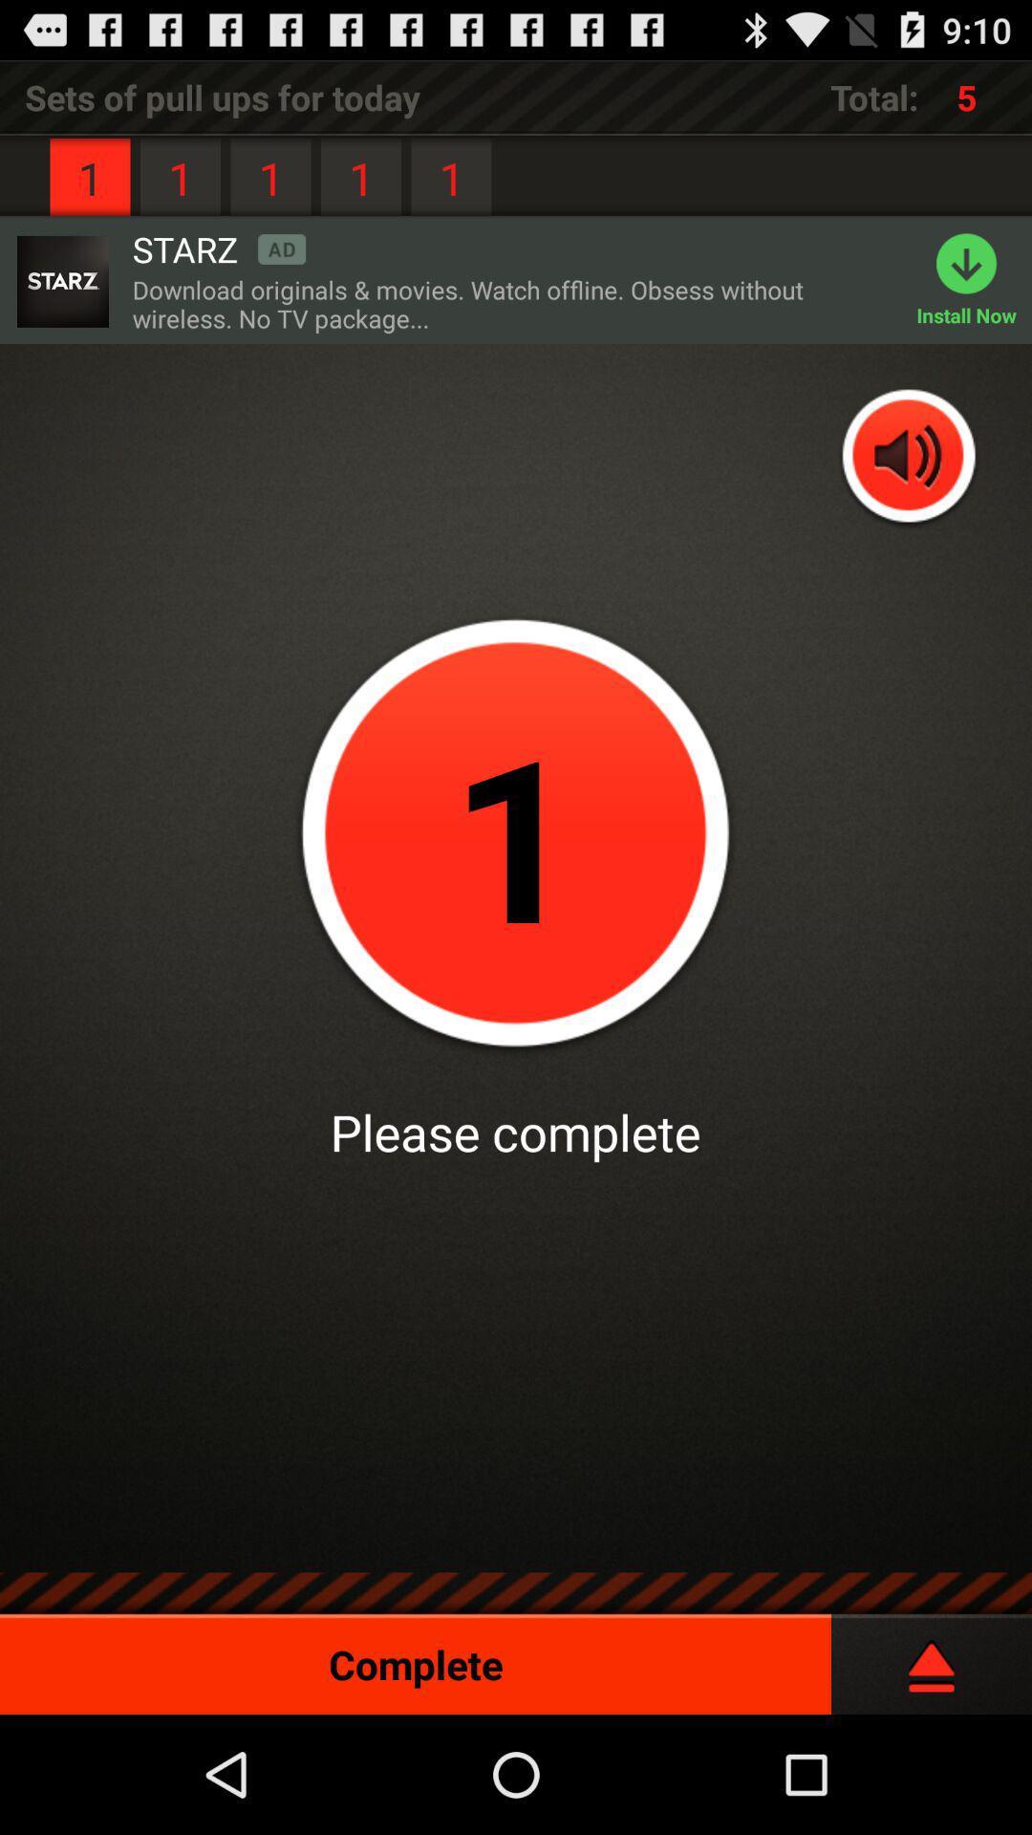  Describe the element at coordinates (513, 303) in the screenshot. I see `item below starz app` at that location.